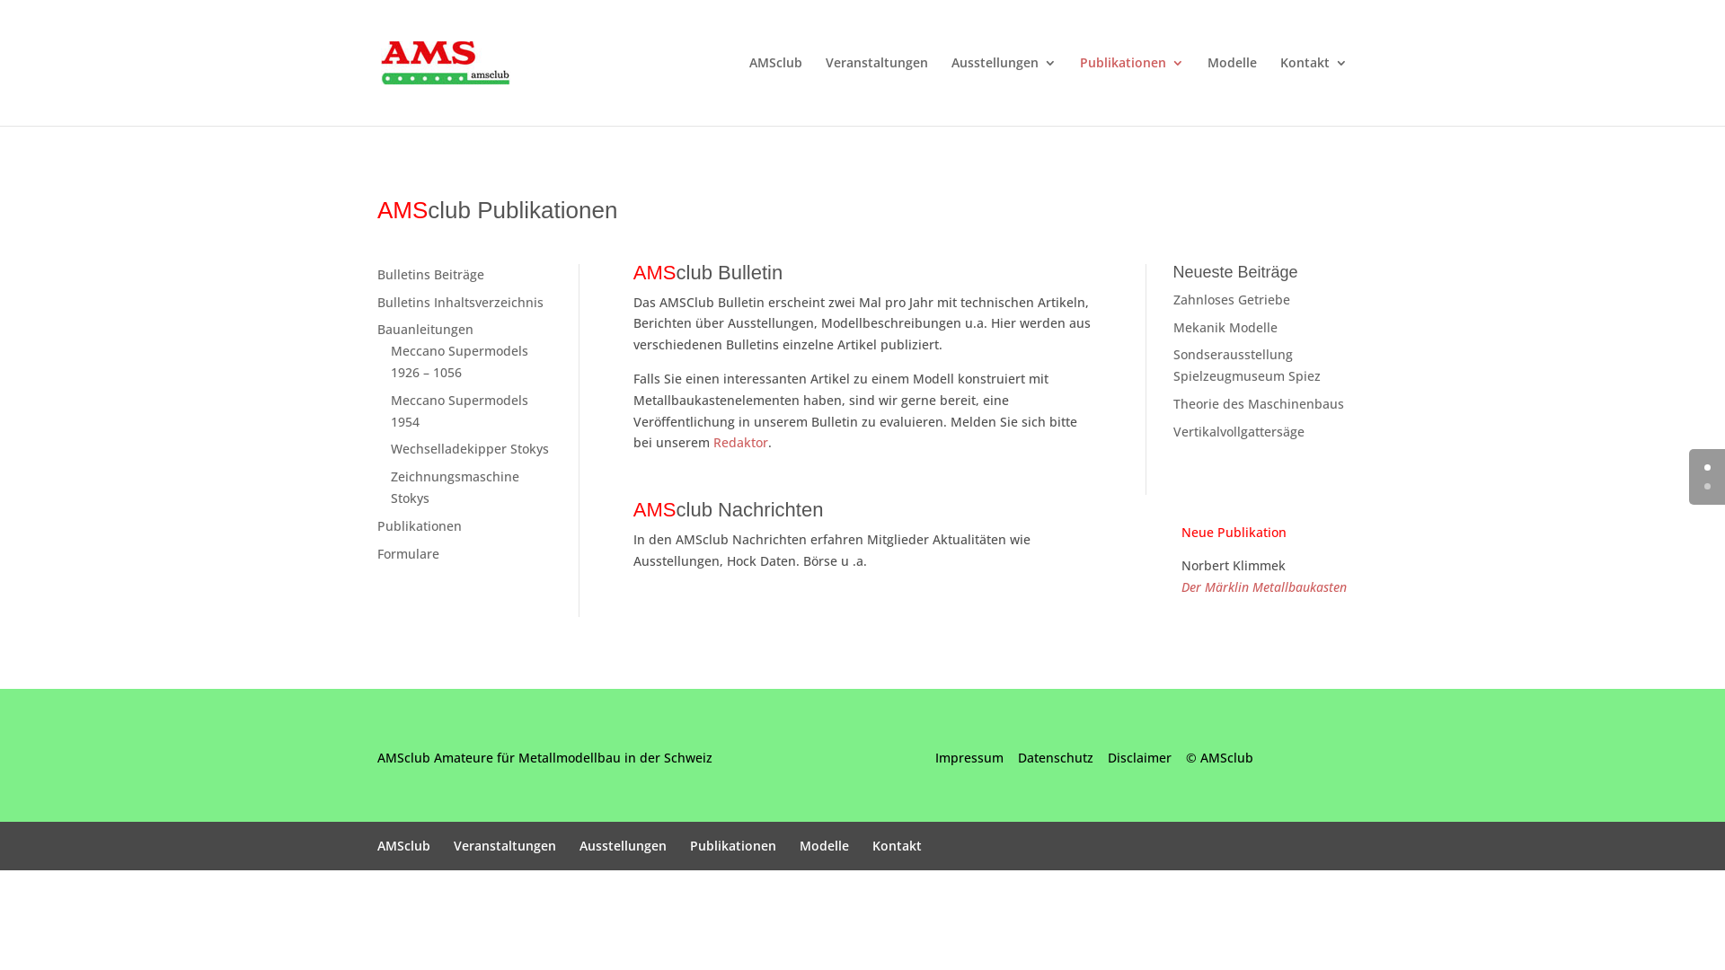 The width and height of the screenshot is (1725, 970). I want to click on 'Ausstellungen', so click(623, 845).